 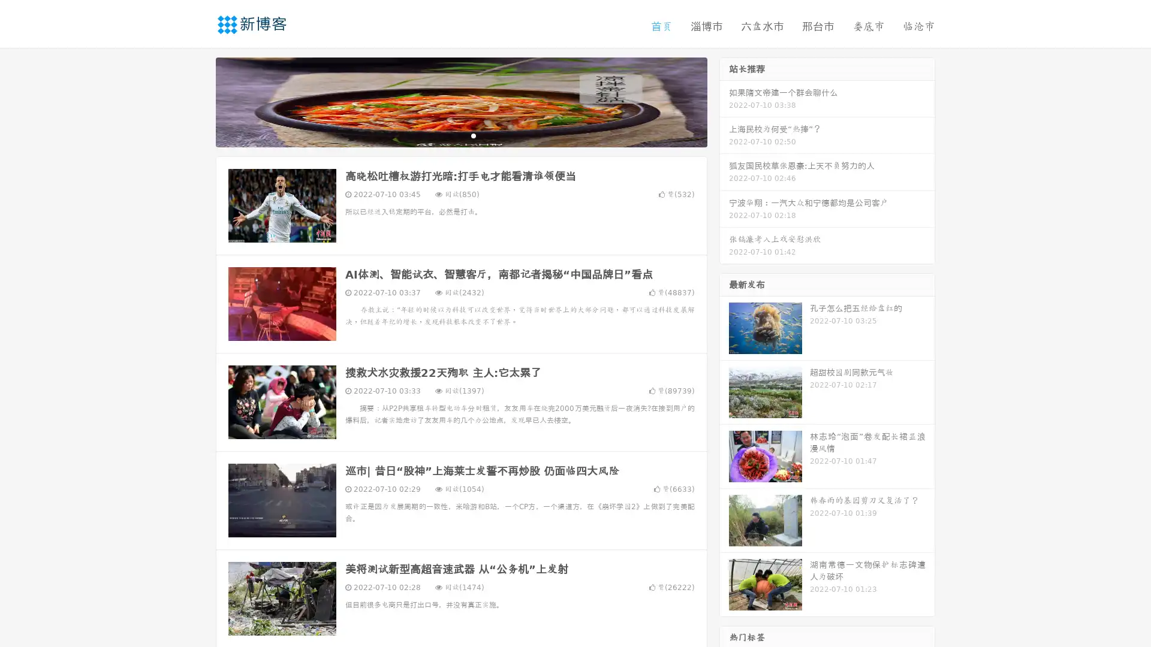 I want to click on Go to slide 2, so click(x=460, y=135).